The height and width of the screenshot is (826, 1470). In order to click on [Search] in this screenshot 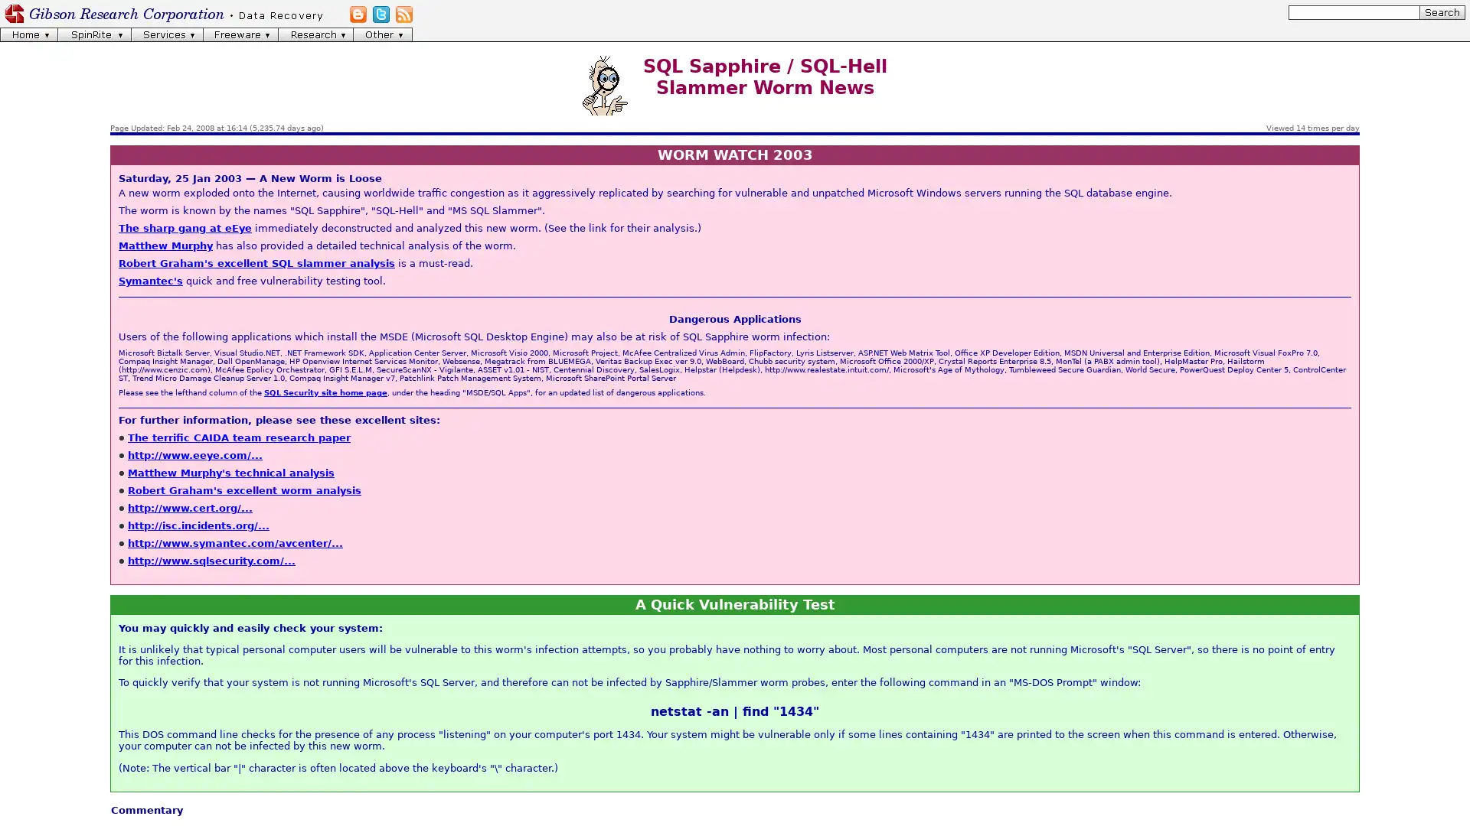, I will do `click(1441, 12)`.